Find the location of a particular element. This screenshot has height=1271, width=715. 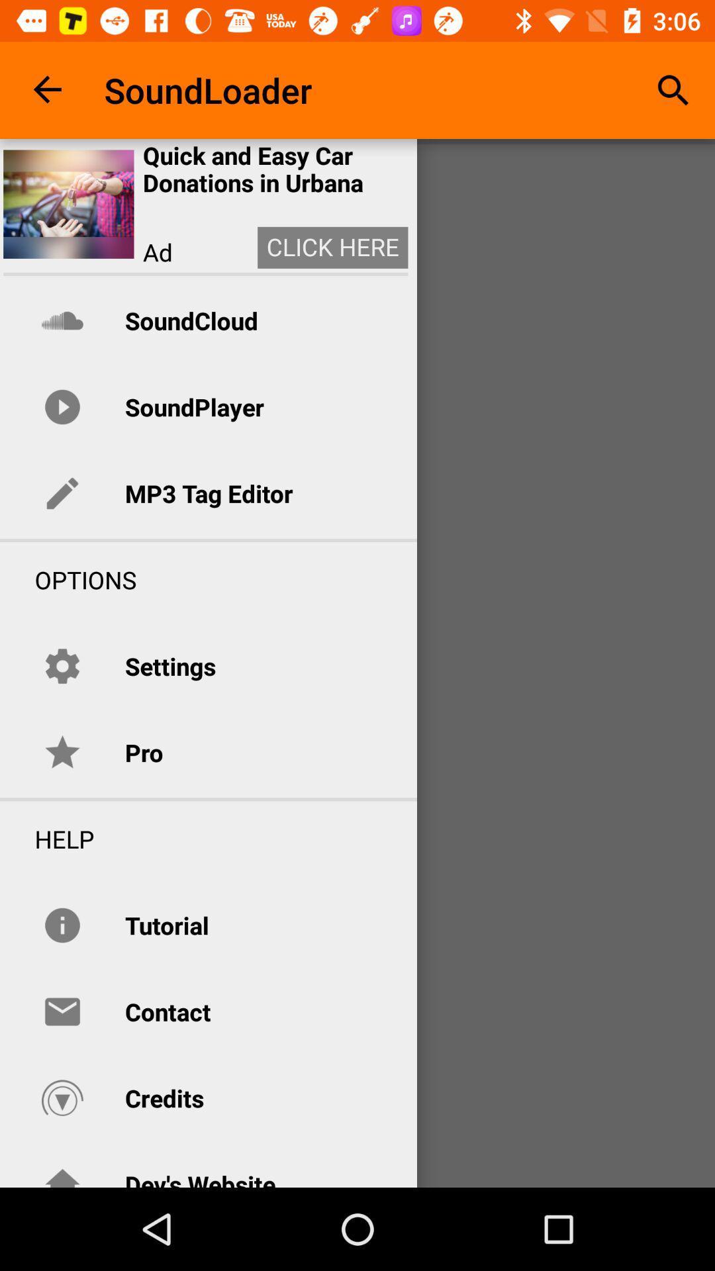

mp3 tag editor is located at coordinates (209, 493).